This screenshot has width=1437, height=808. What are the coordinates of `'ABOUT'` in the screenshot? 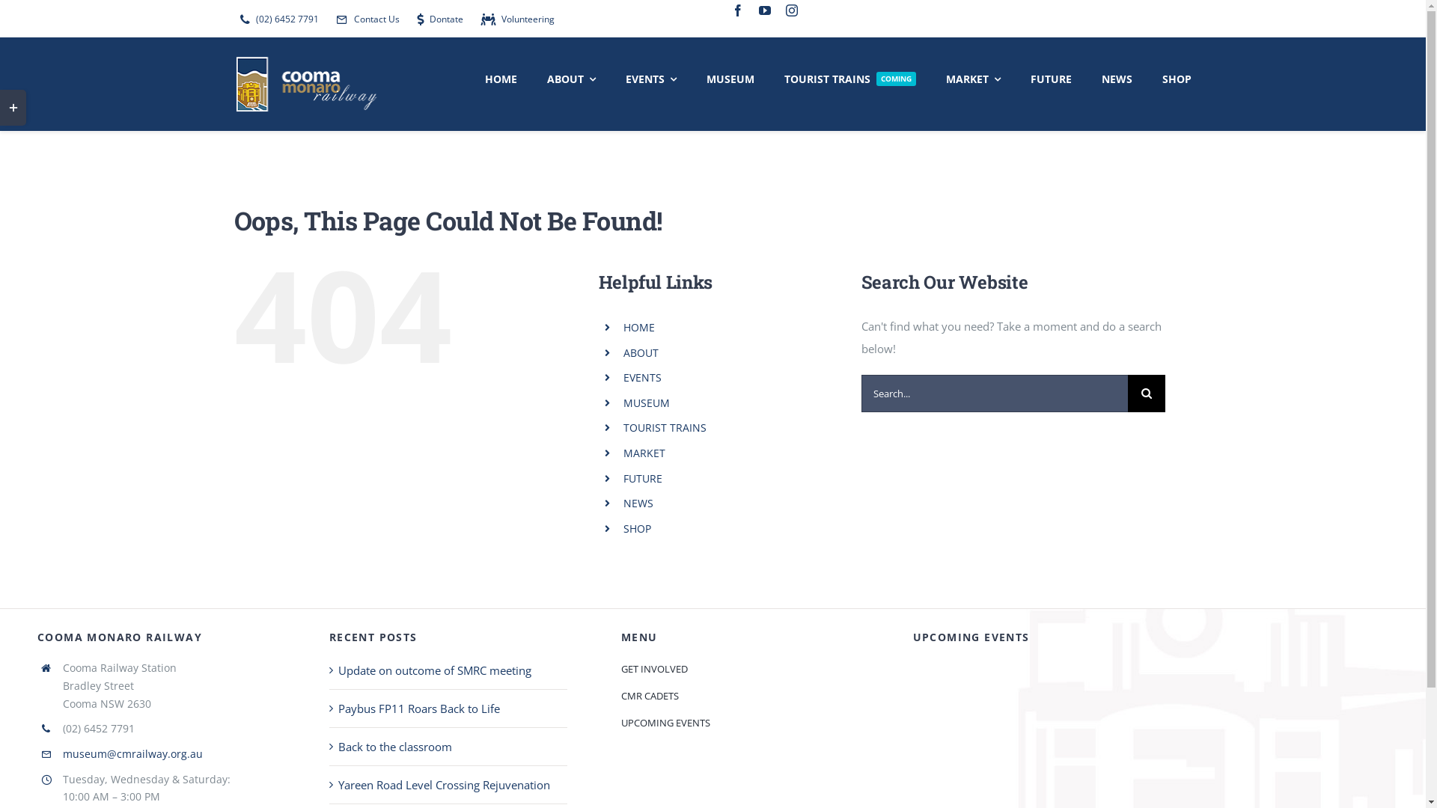 It's located at (570, 77).